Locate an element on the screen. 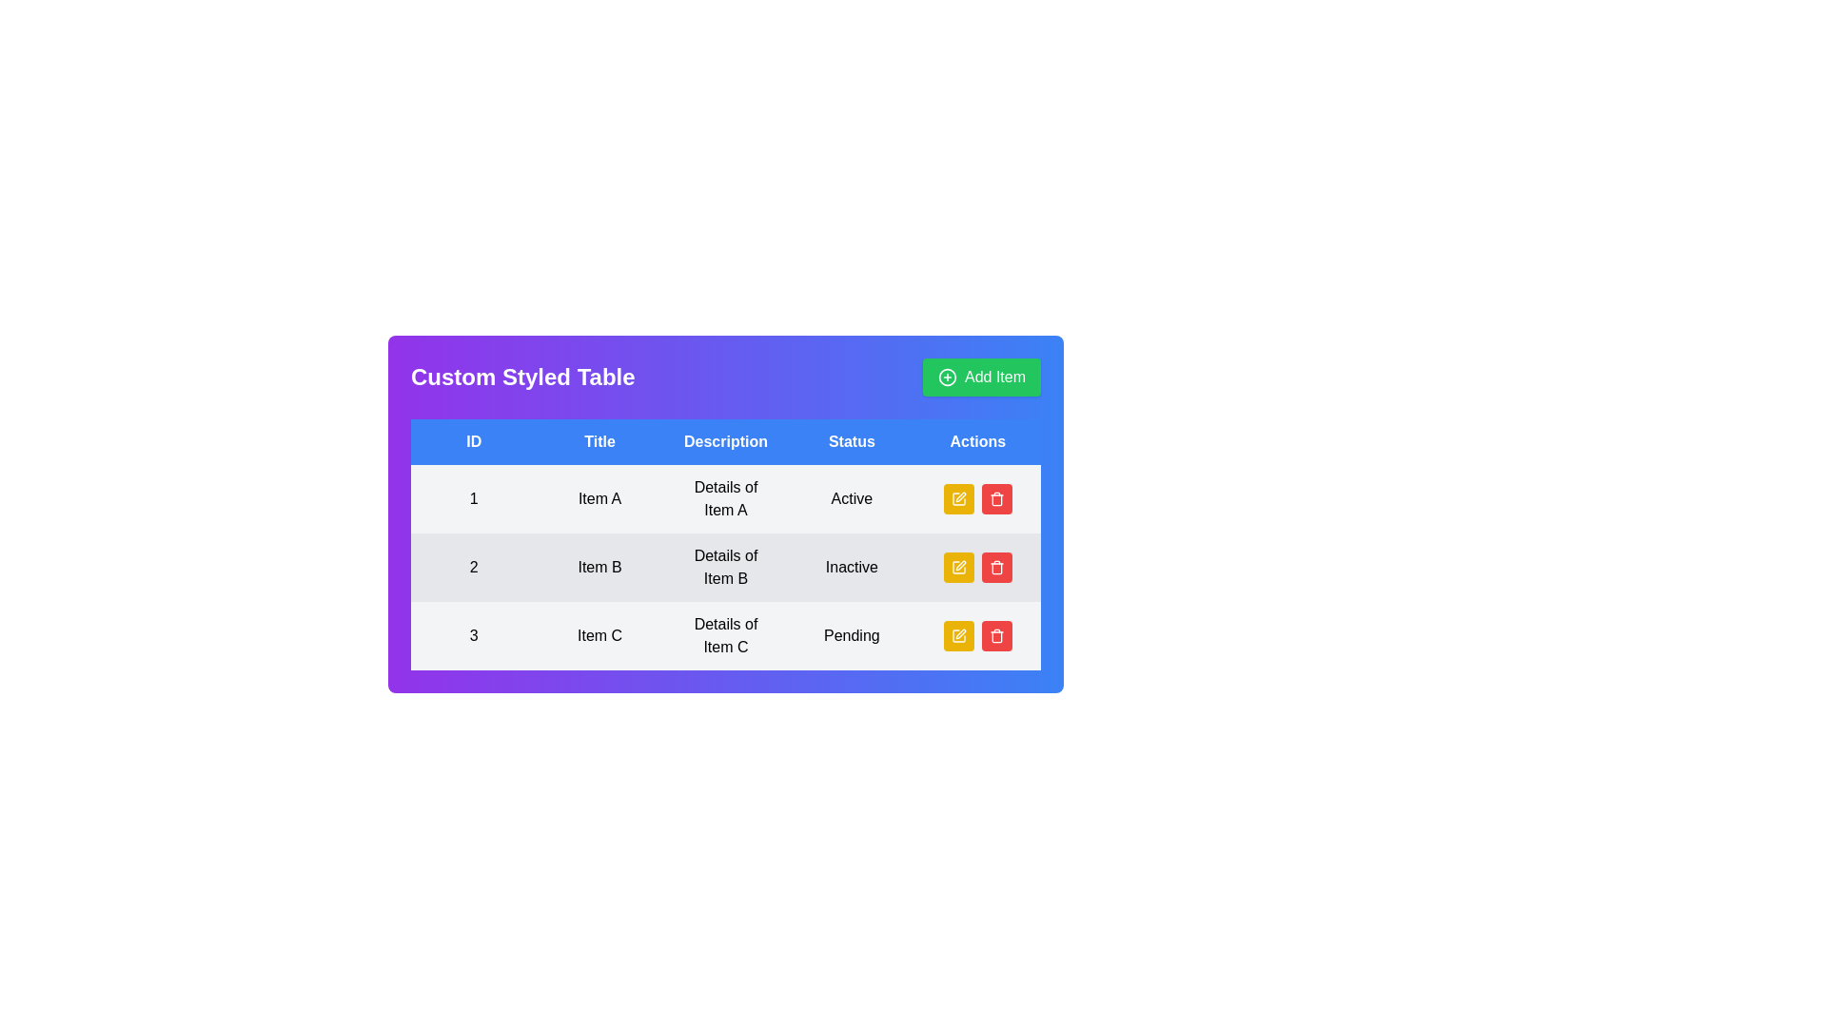 The image size is (1827, 1027). on the second row of the table displaying information about 'Item B', which includes its ID, title, description, and status is located at coordinates (725, 567).